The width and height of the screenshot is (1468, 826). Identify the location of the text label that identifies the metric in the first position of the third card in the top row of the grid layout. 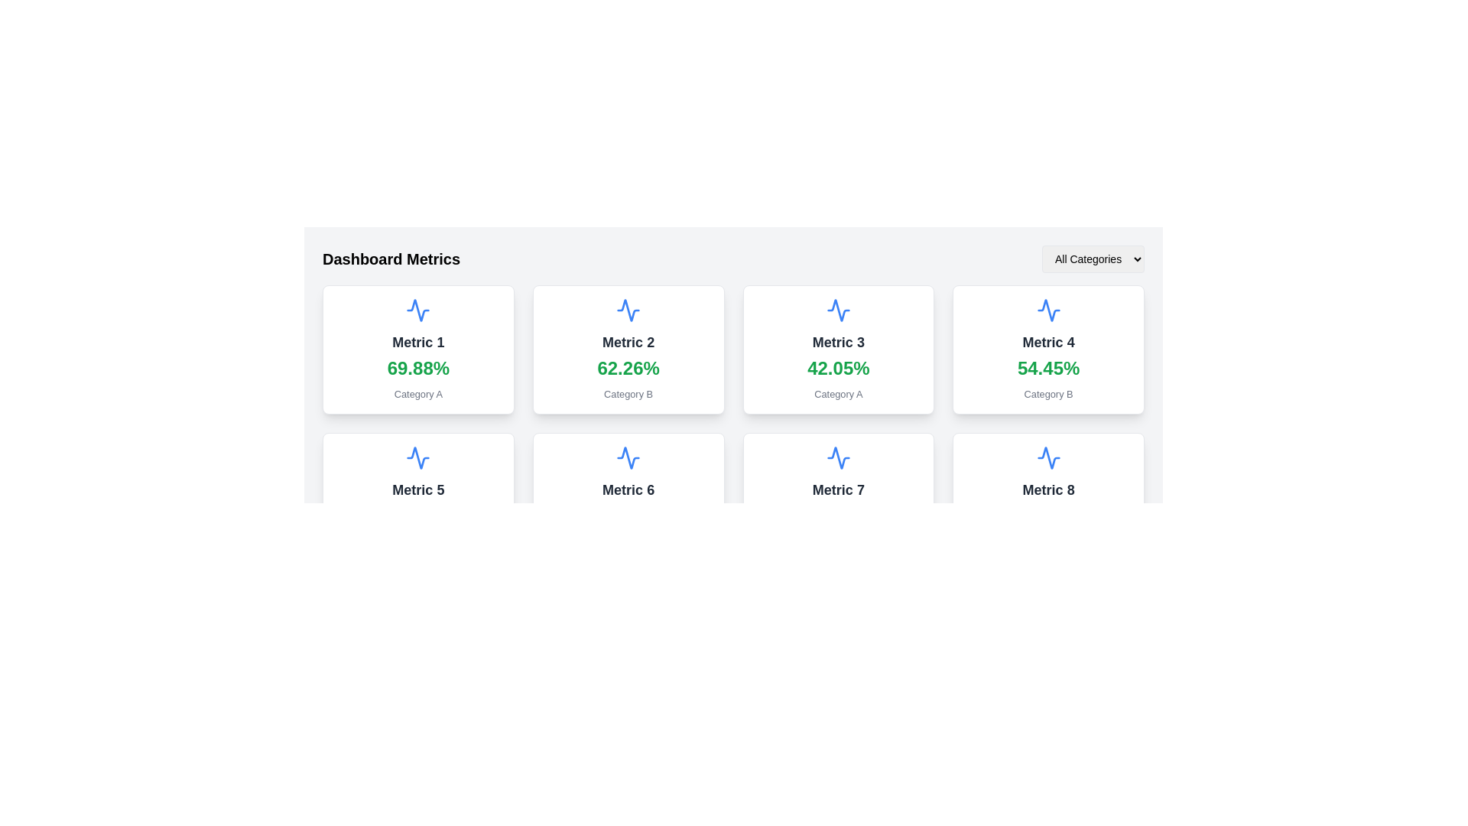
(837, 341).